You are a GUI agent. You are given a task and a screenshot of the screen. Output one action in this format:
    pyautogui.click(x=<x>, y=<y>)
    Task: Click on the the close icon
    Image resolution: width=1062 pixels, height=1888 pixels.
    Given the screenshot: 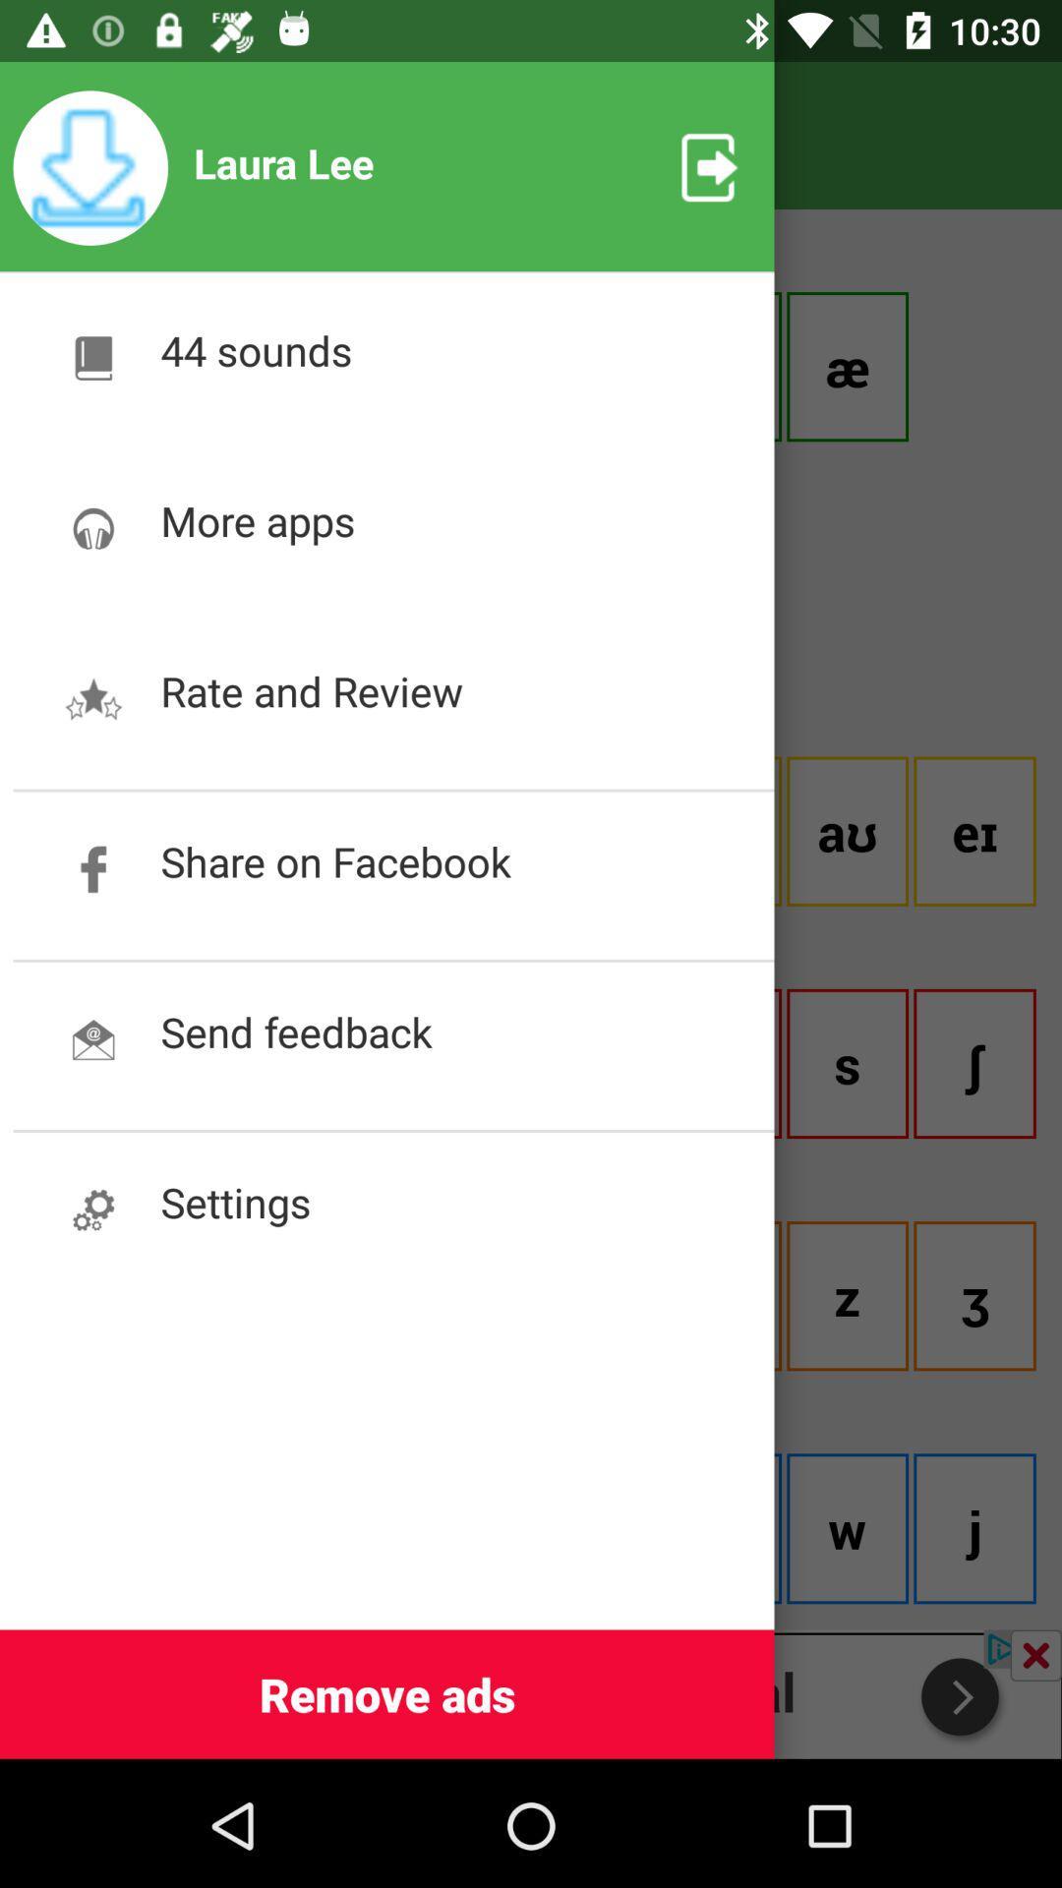 What is the action you would take?
    pyautogui.click(x=1034, y=1654)
    